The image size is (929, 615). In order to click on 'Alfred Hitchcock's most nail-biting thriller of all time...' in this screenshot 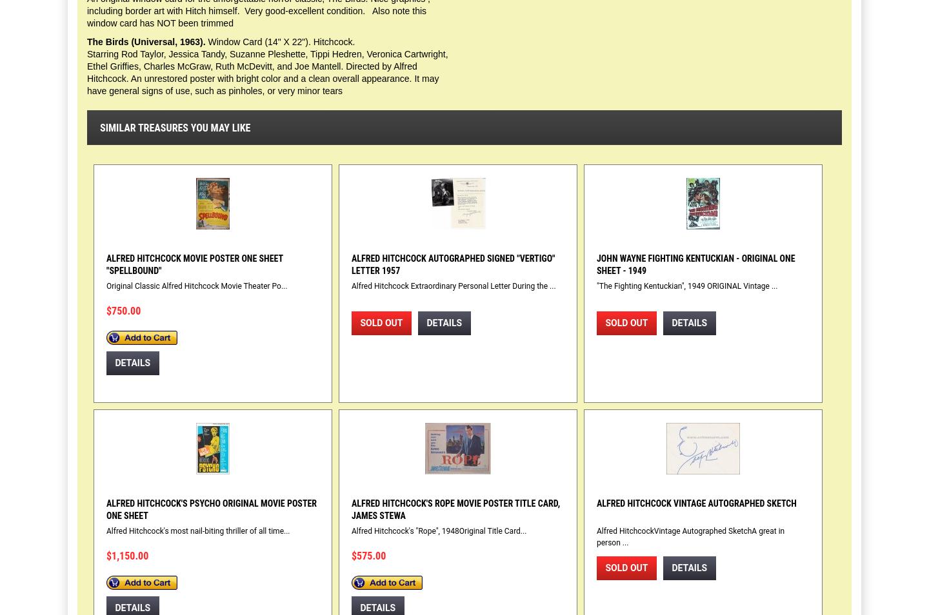, I will do `click(198, 531)`.